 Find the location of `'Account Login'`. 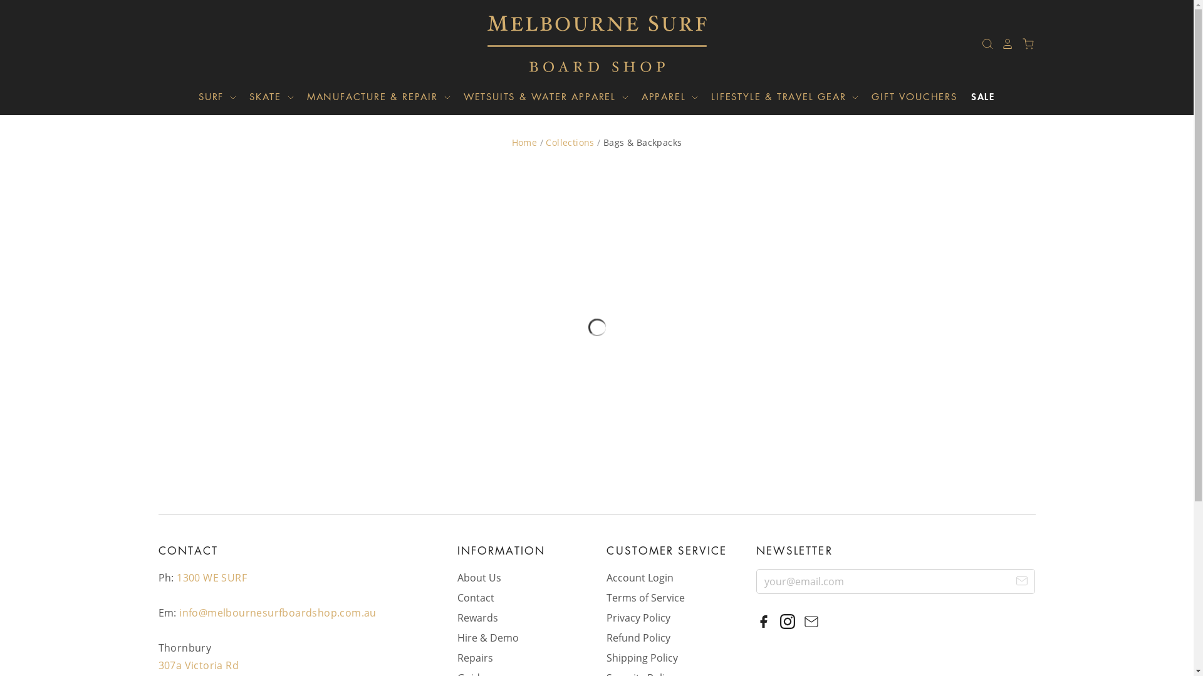

'Account Login' is located at coordinates (640, 577).